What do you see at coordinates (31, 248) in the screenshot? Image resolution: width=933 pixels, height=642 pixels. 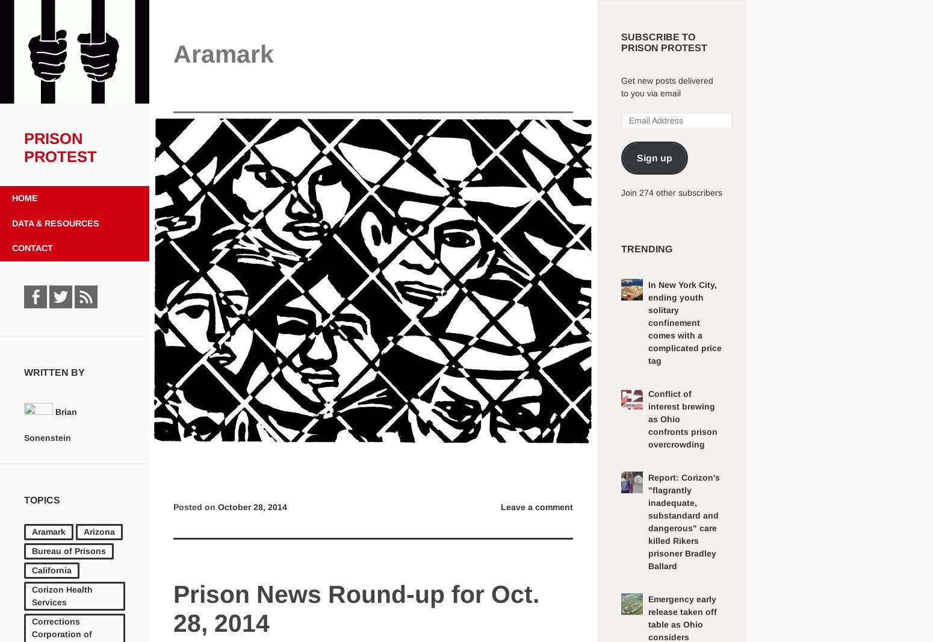 I see `'Contact'` at bounding box center [31, 248].